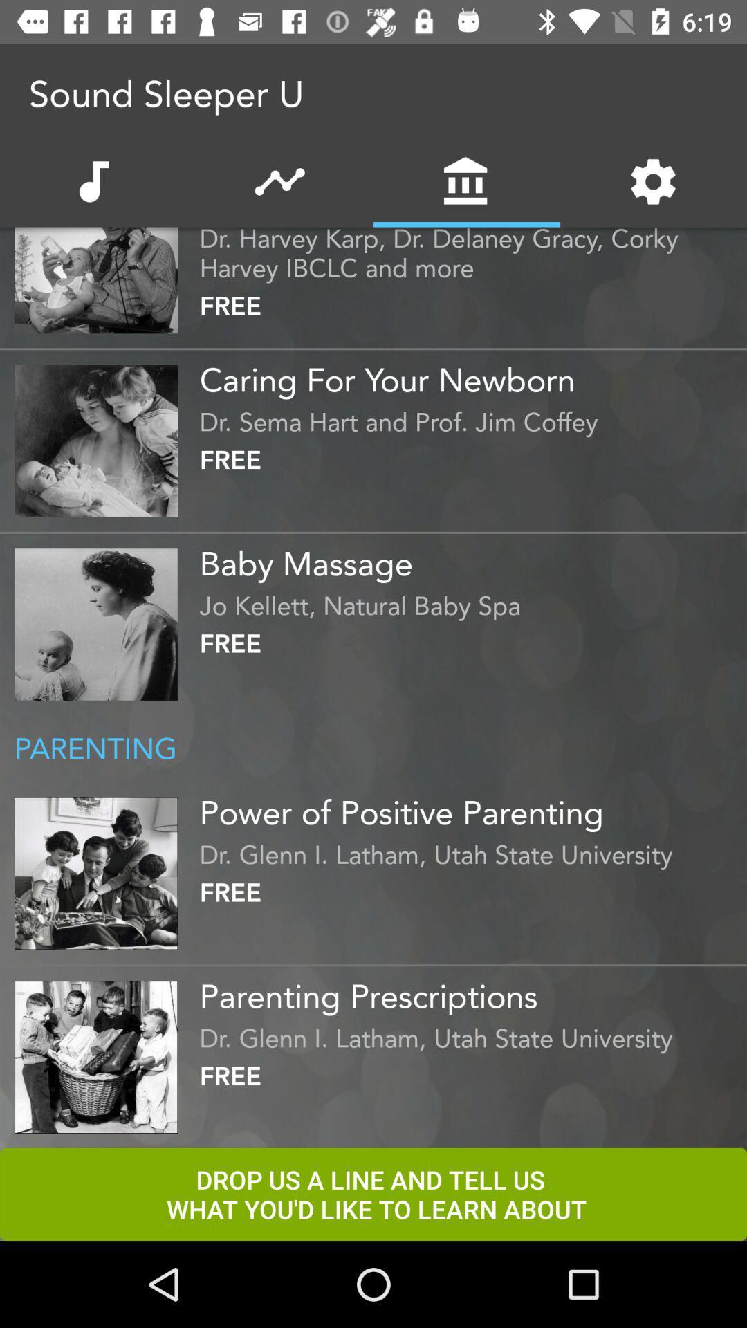 The image size is (747, 1328). I want to click on the item above the dr glenn i icon, so click(469, 990).